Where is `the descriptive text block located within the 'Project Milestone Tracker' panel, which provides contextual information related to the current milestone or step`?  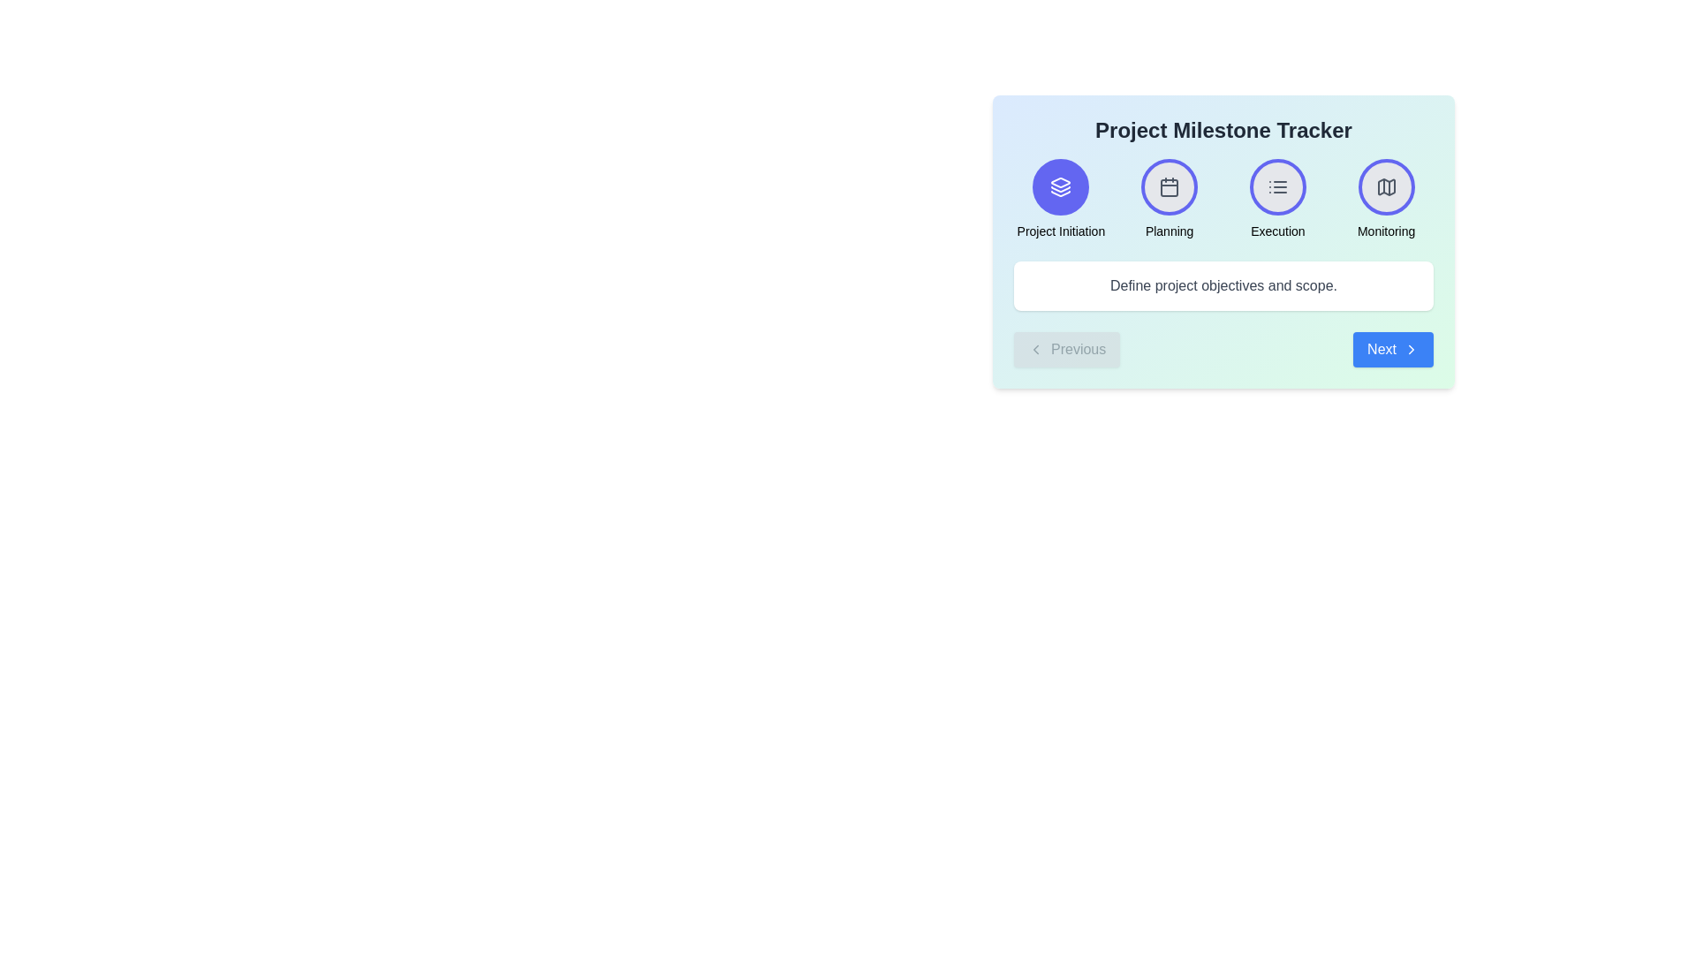 the descriptive text block located within the 'Project Milestone Tracker' panel, which provides contextual information related to the current milestone or step is located at coordinates (1223, 285).